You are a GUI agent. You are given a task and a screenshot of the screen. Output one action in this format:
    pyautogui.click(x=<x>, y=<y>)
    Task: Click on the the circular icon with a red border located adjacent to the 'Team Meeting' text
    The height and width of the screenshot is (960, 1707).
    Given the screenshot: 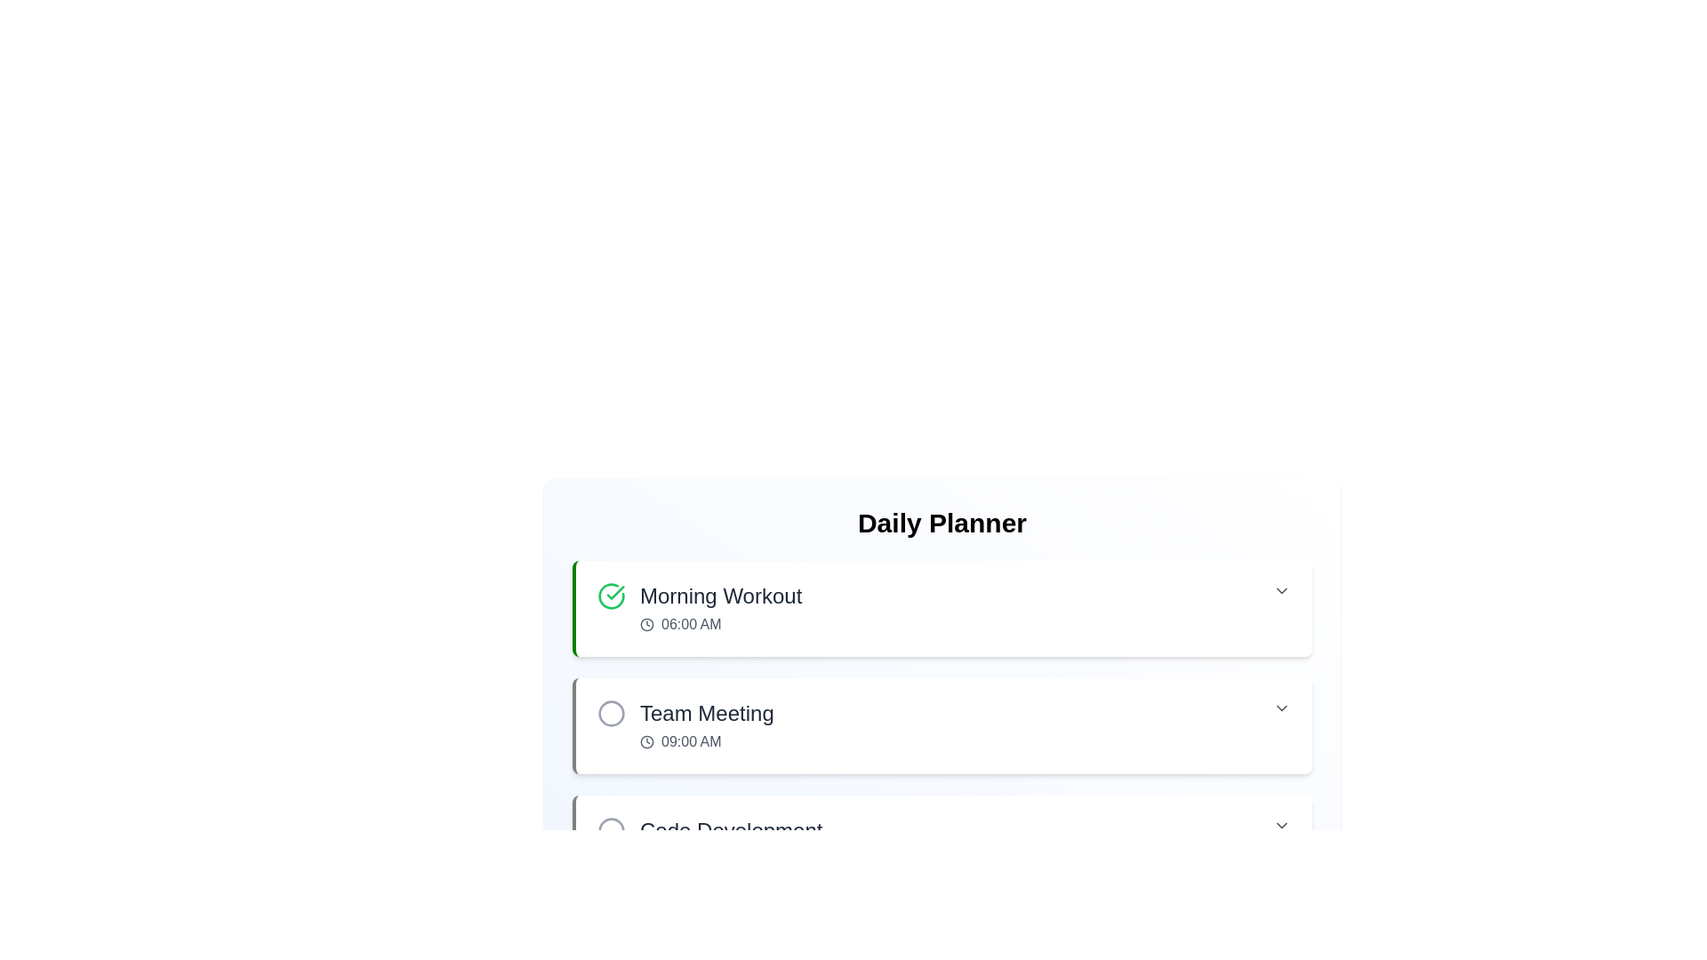 What is the action you would take?
    pyautogui.click(x=611, y=712)
    